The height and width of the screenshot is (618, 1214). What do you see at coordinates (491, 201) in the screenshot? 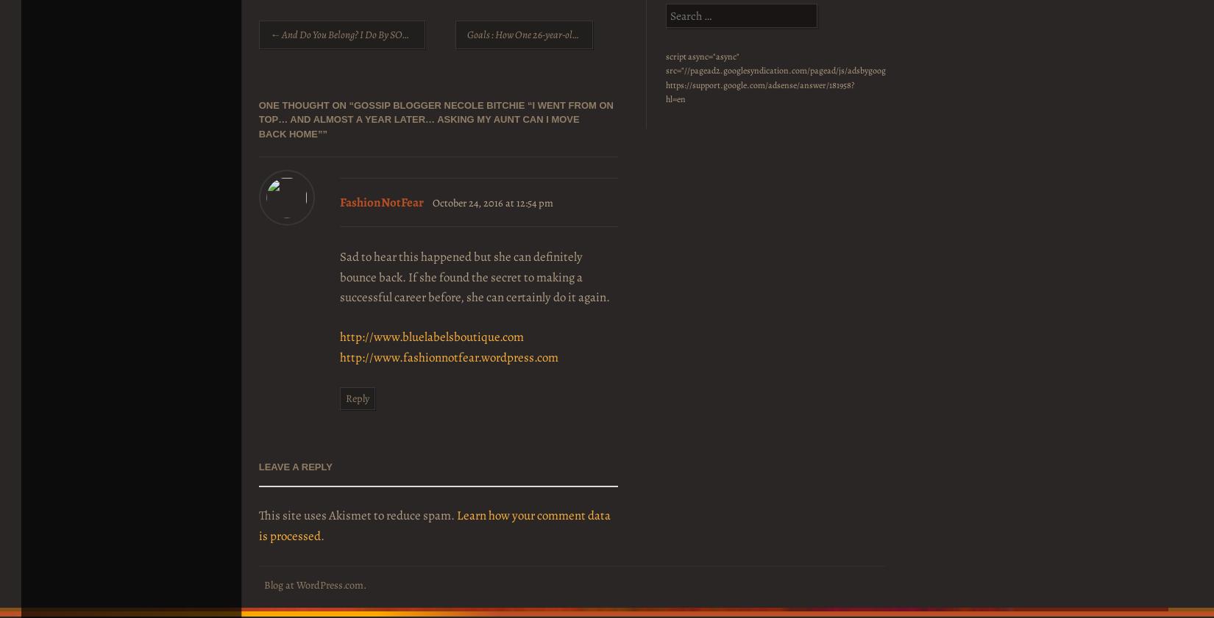
I see `'October 24, 2016 at 12:54 pm'` at bounding box center [491, 201].